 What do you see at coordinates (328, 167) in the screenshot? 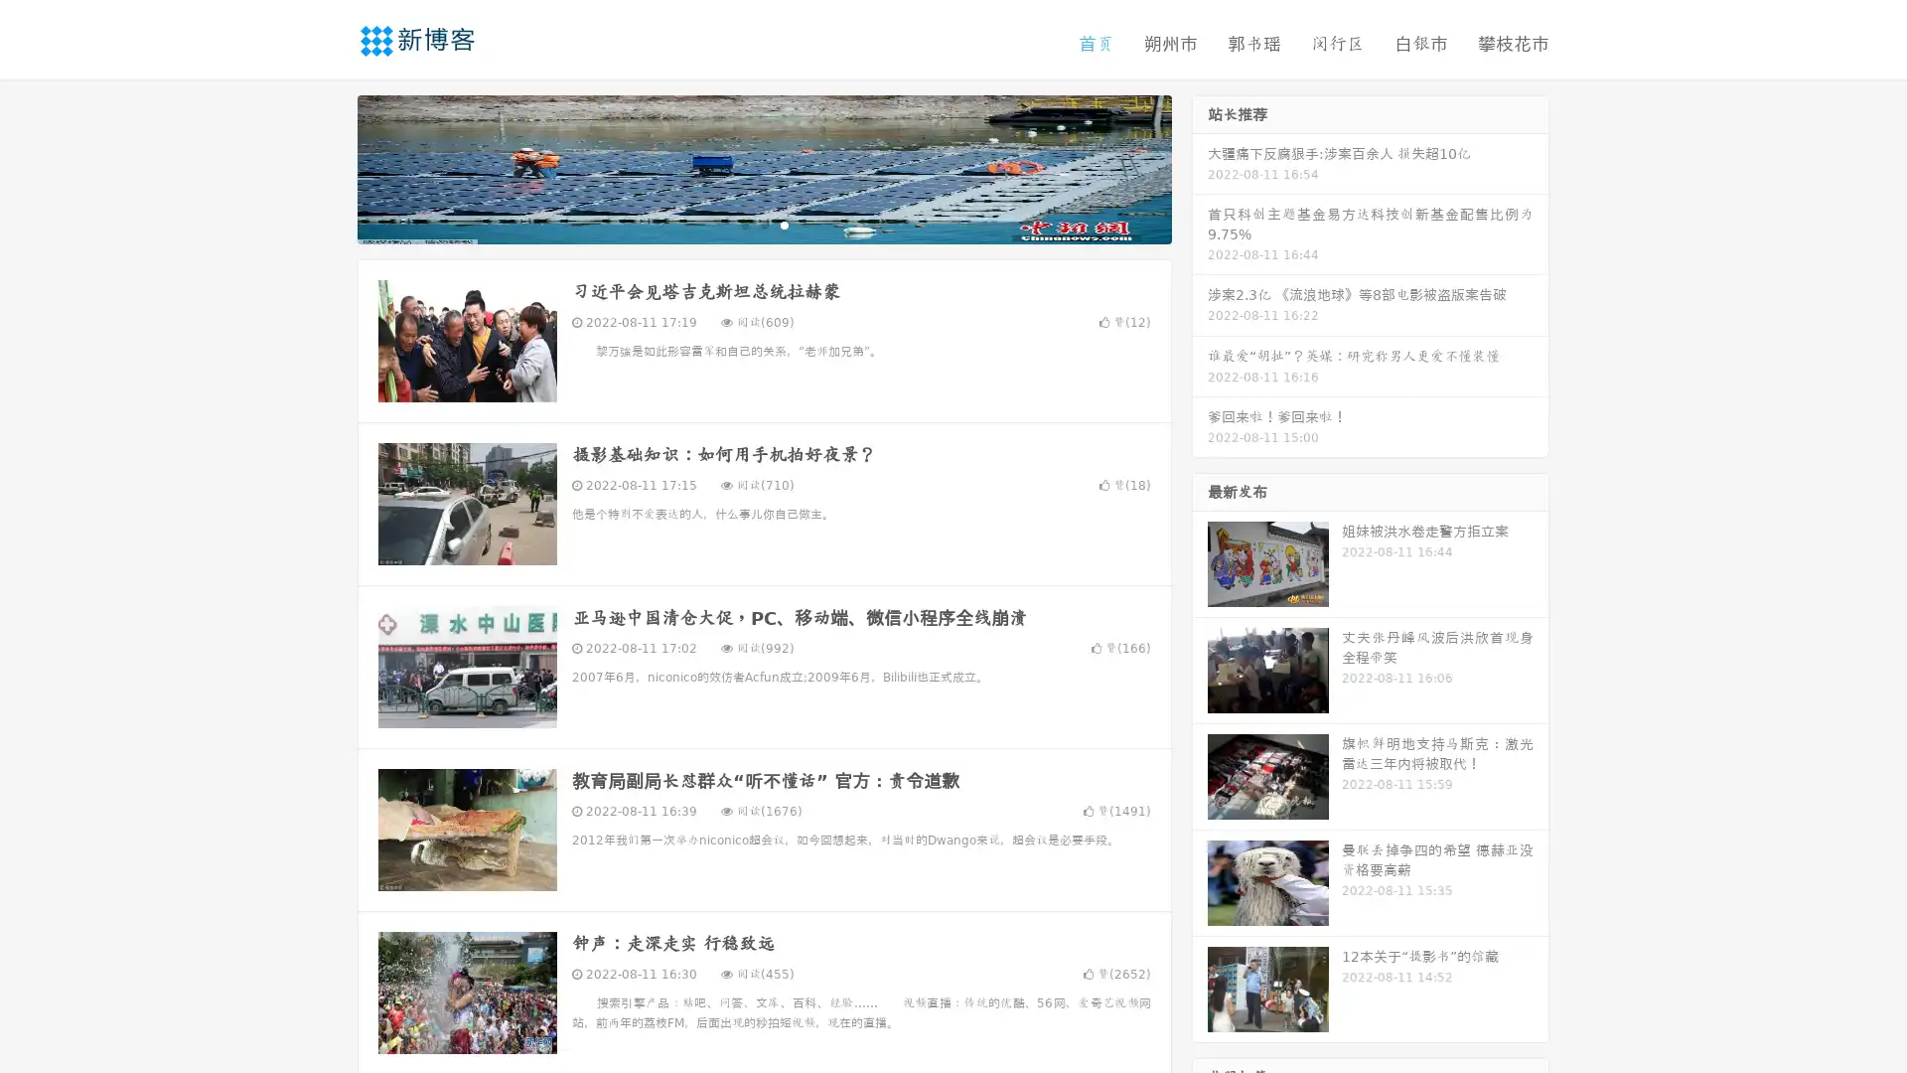
I see `Previous slide` at bounding box center [328, 167].